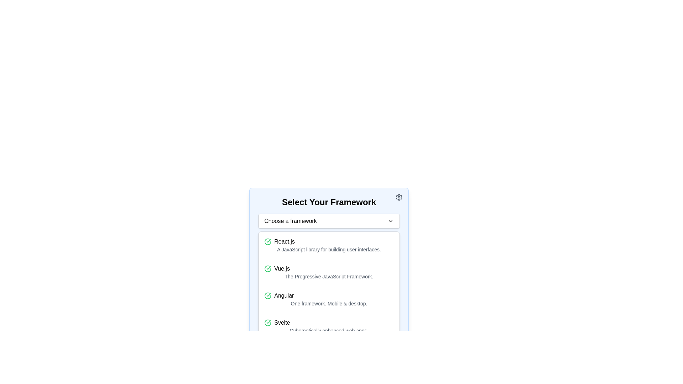 This screenshot has height=384, width=683. Describe the element at coordinates (329, 202) in the screenshot. I see `the heading or title text for the framework selection section, located at the top of its containing card, above the 'Choose a framework' dropdown` at that location.